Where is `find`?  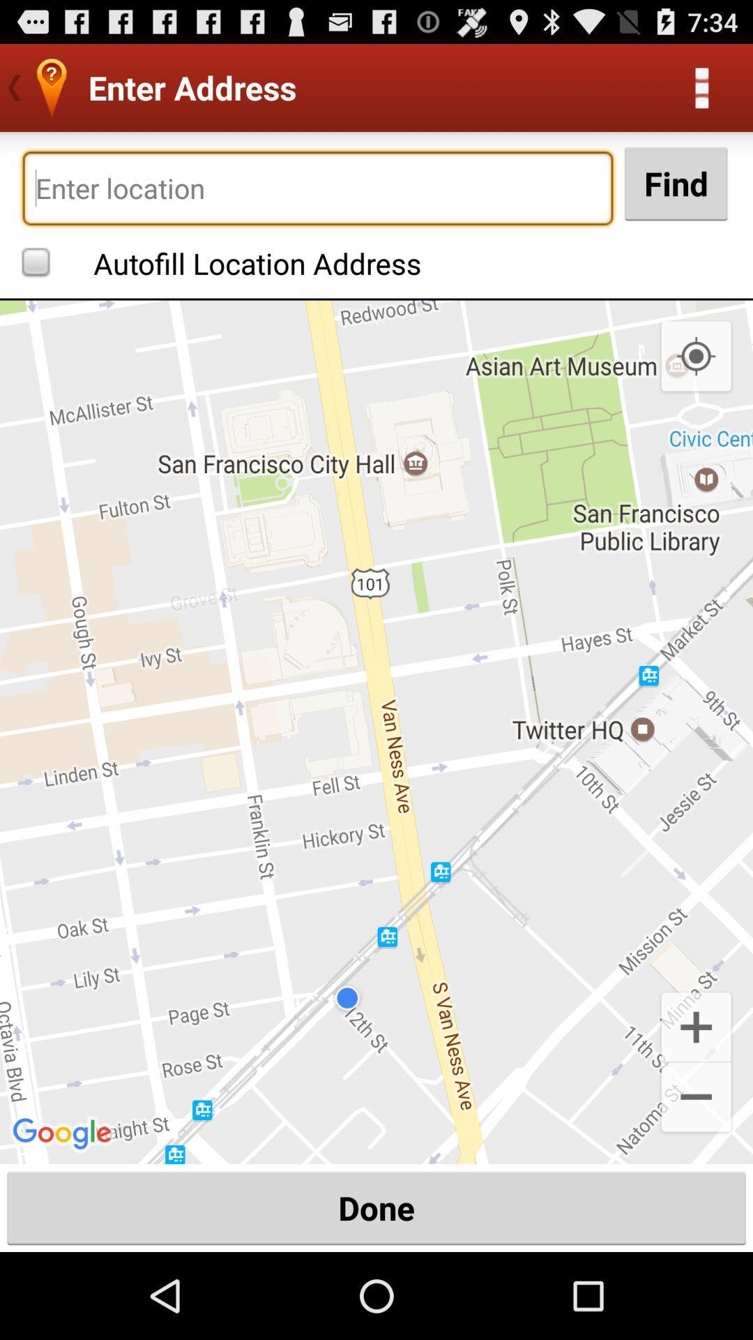
find is located at coordinates (675, 183).